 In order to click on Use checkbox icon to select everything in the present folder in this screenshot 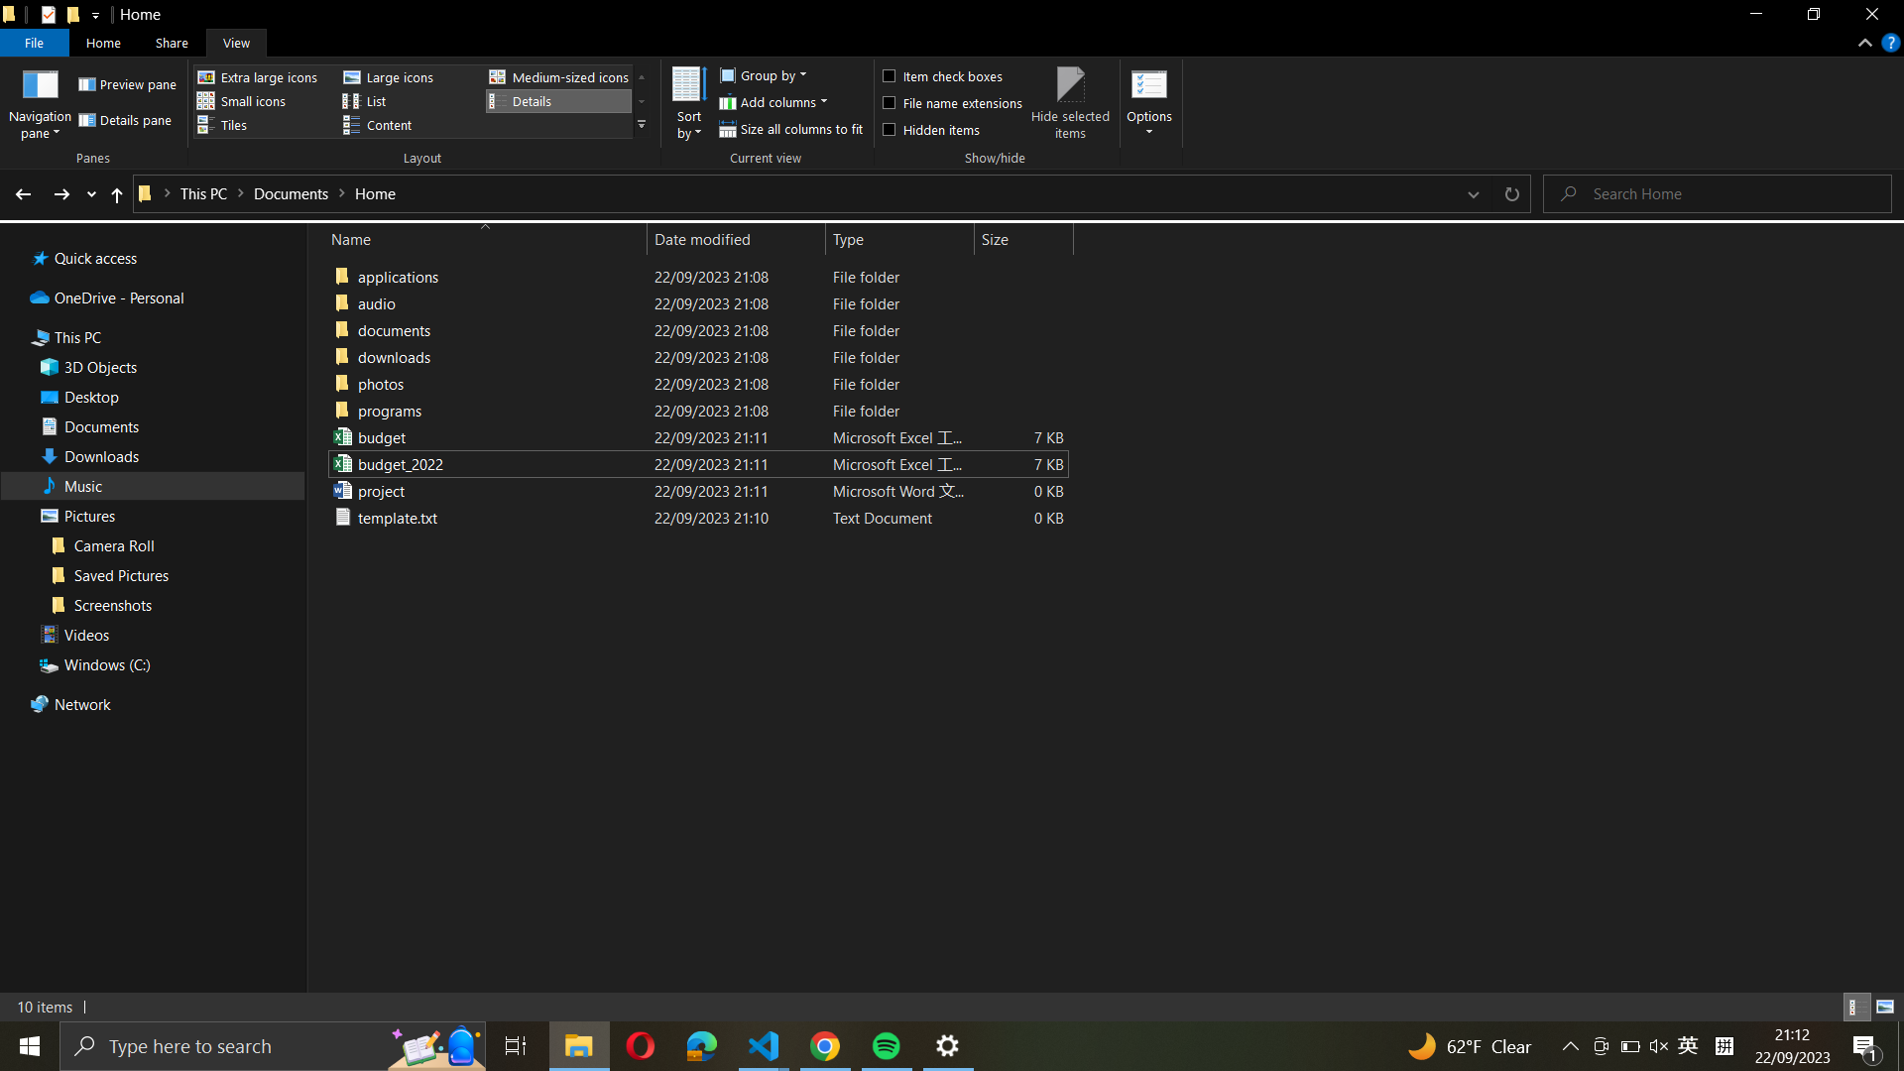, I will do `click(949, 72)`.